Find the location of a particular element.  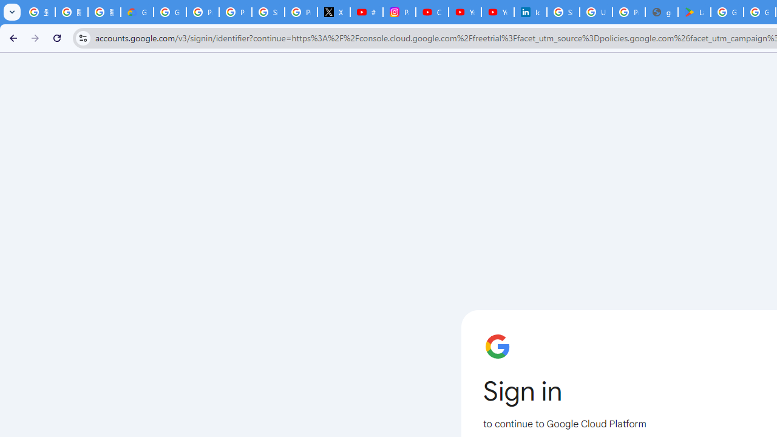

'#nbabasketballhighlights - YouTube' is located at coordinates (366, 12).